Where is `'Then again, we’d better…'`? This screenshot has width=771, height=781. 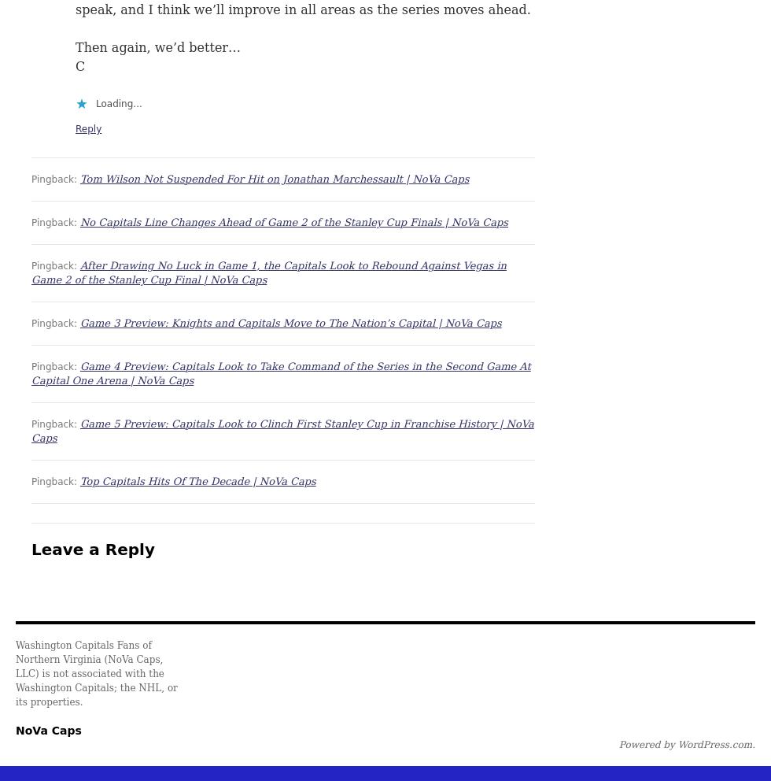
'Then again, we’d better…' is located at coordinates (157, 47).